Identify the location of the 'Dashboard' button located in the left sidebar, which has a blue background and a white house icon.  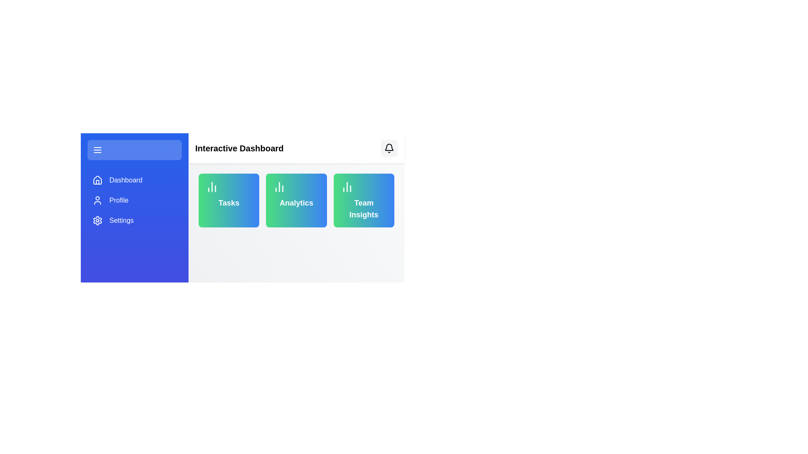
(135, 179).